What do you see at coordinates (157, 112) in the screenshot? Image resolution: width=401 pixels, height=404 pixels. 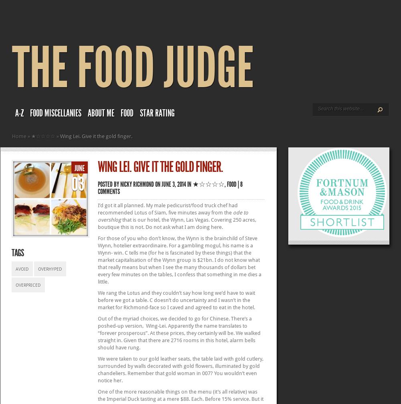 I see `'Star rating'` at bounding box center [157, 112].